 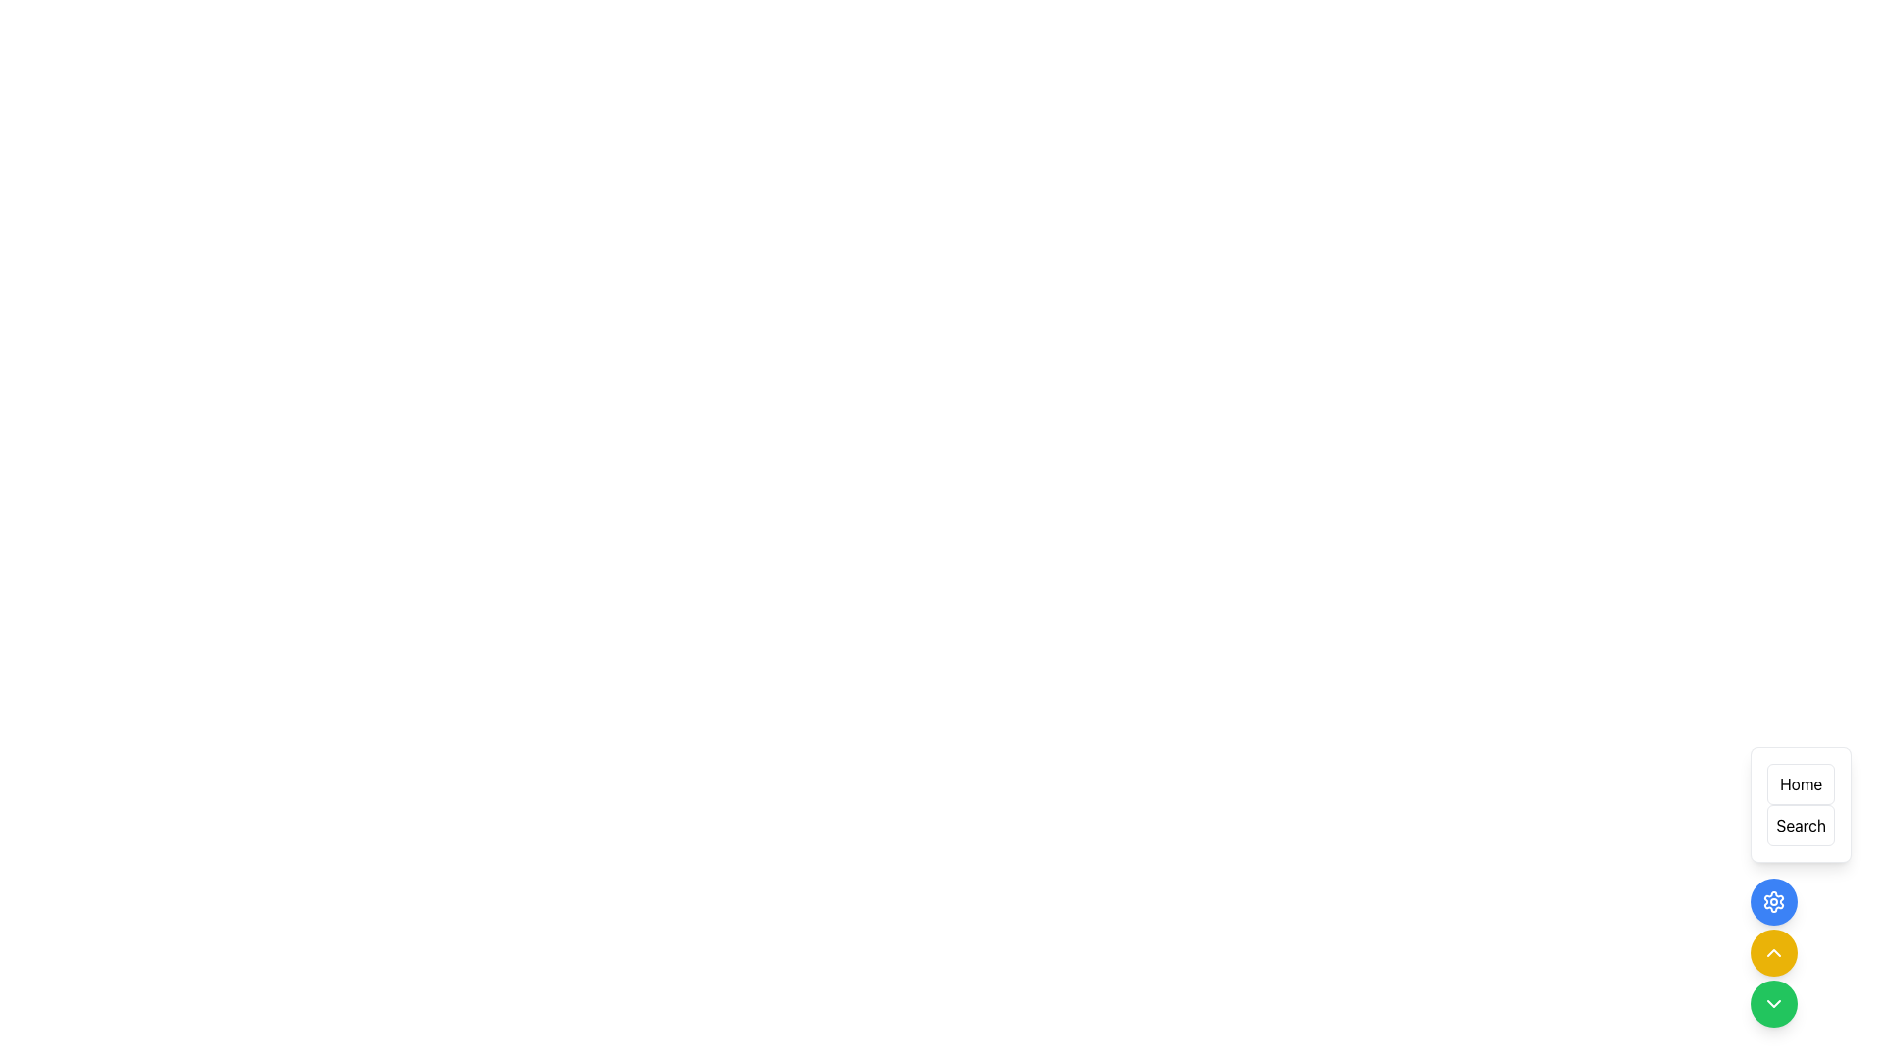 What do you see at coordinates (1774, 1003) in the screenshot?
I see `the down or expand button located at the bottom-right area of the interface, which is the last in a vertically-stacked group of three buttons` at bounding box center [1774, 1003].